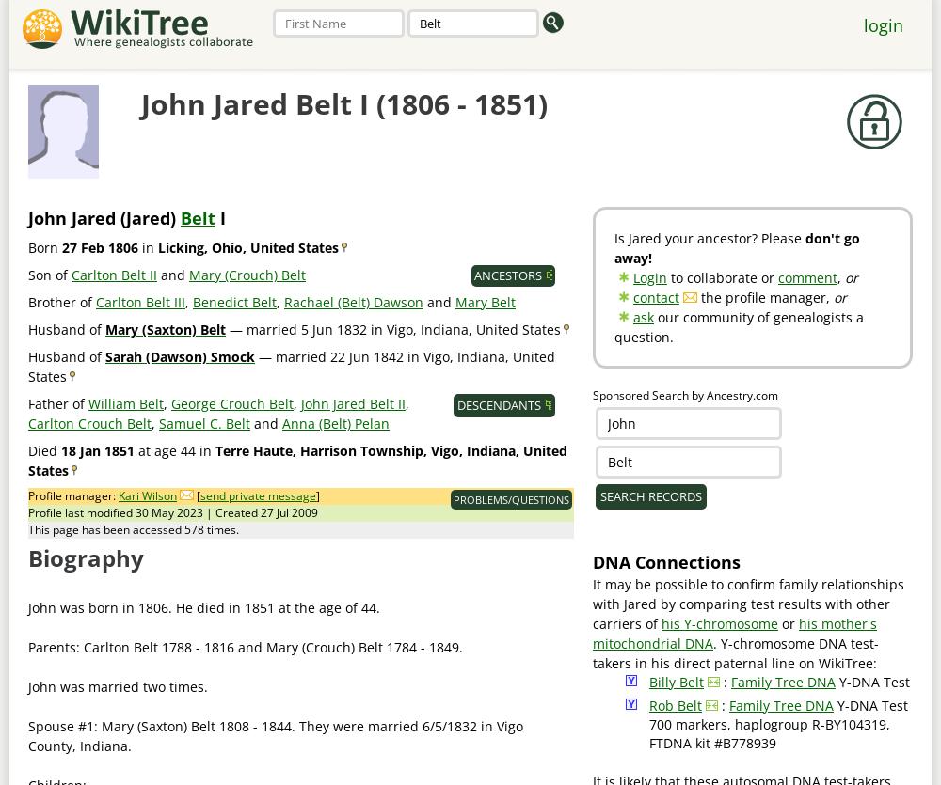 This screenshot has height=785, width=941. I want to click on 'Profile last modified', so click(81, 512).